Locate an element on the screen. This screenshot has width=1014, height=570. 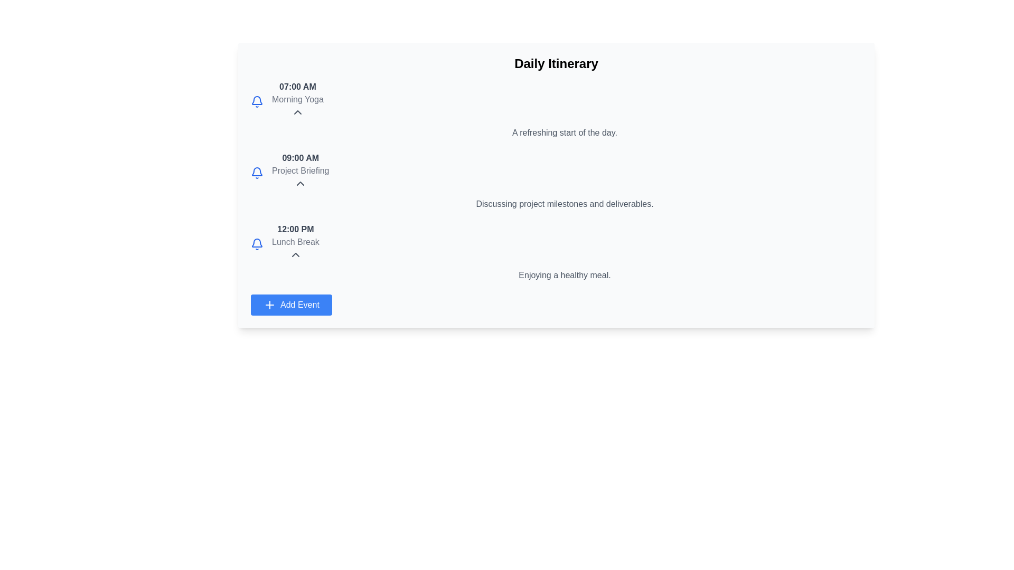
the text label displaying 'Project Briefing', which is located below the '09:00 AM' time label in the left panel of the interface is located at coordinates (300, 170).